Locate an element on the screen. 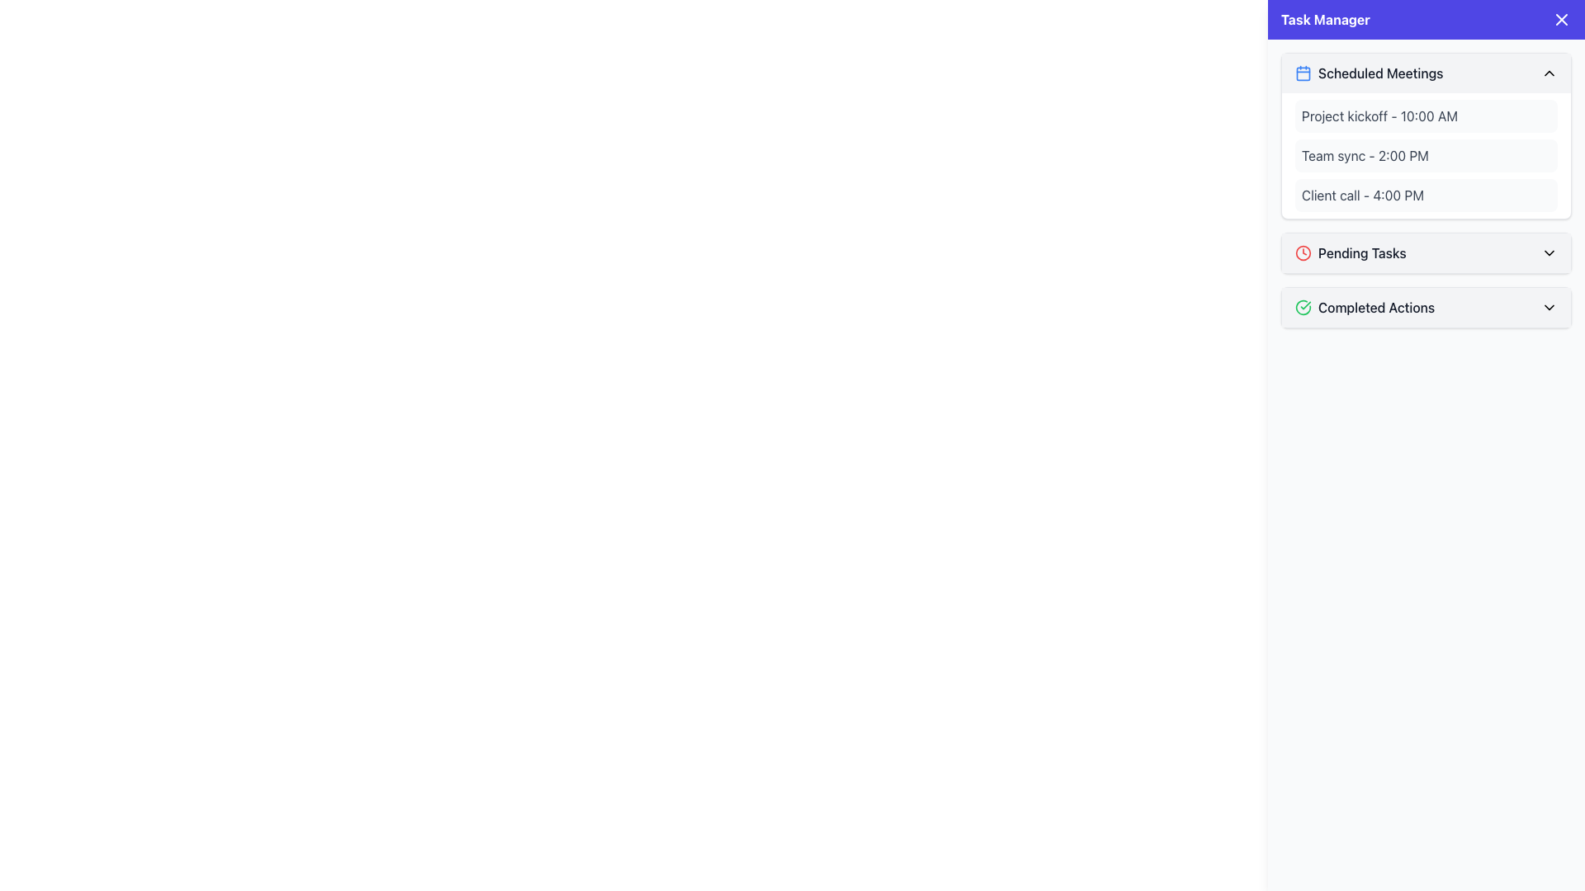  the List item containing the text 'Team sync - 2:00 PM', which is styled with a light gray background and dark gray text, located in the top-right section of the layout is located at coordinates (1426, 156).